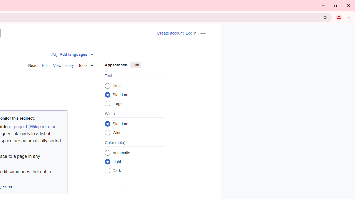  Describe the element at coordinates (323, 6) in the screenshot. I see `'Minimize'` at that location.